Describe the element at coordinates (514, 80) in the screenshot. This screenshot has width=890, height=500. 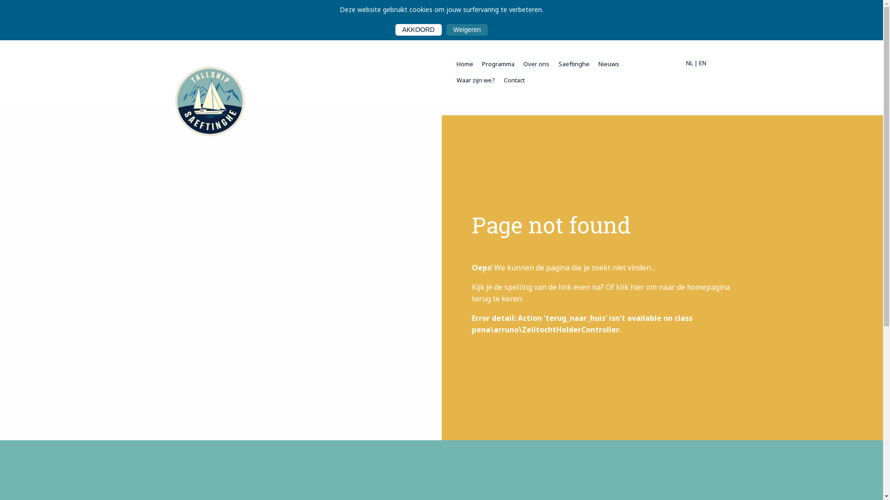
I see `'Contact'` at that location.